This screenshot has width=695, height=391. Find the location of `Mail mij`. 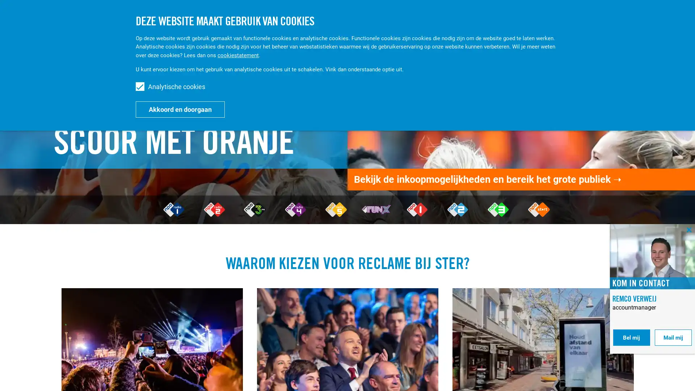

Mail mij is located at coordinates (673, 337).